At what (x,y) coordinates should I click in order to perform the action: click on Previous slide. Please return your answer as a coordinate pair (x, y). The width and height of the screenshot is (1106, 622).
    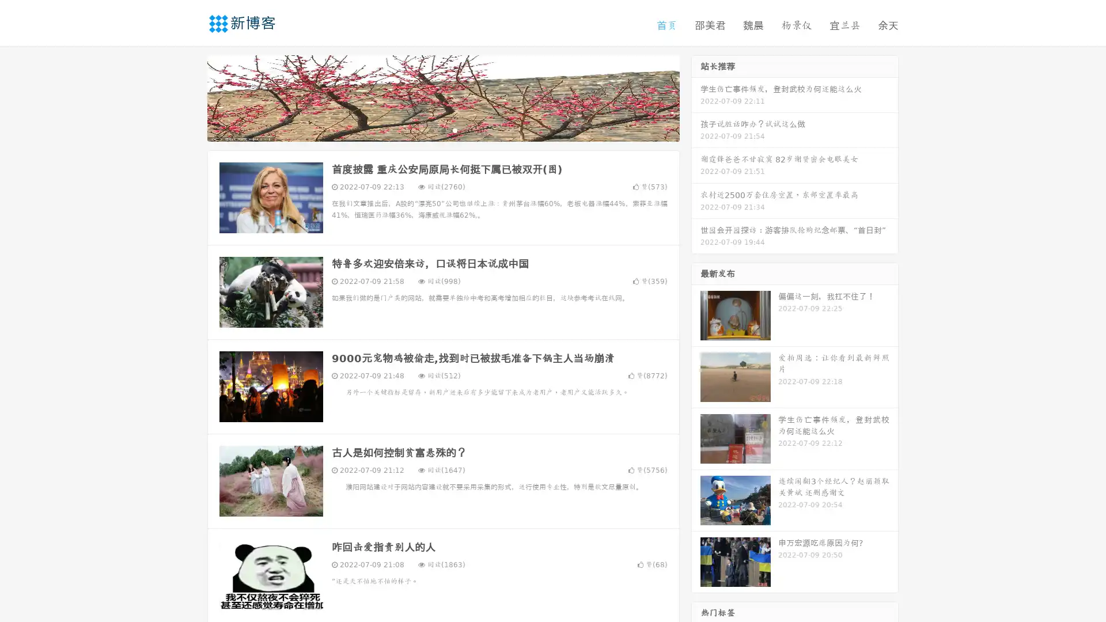
    Looking at the image, I should click on (190, 97).